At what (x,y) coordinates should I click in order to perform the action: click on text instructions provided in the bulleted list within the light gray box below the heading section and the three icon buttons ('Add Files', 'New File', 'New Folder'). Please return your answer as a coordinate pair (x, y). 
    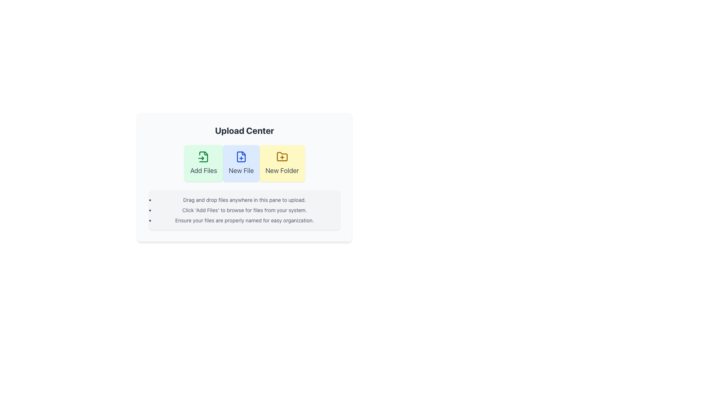
    Looking at the image, I should click on (244, 210).